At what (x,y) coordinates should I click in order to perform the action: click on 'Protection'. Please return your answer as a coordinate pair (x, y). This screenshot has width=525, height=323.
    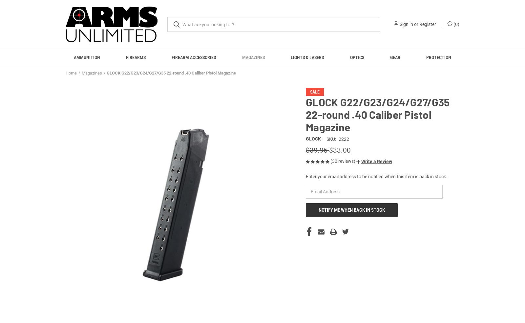
    Looking at the image, I should click on (438, 57).